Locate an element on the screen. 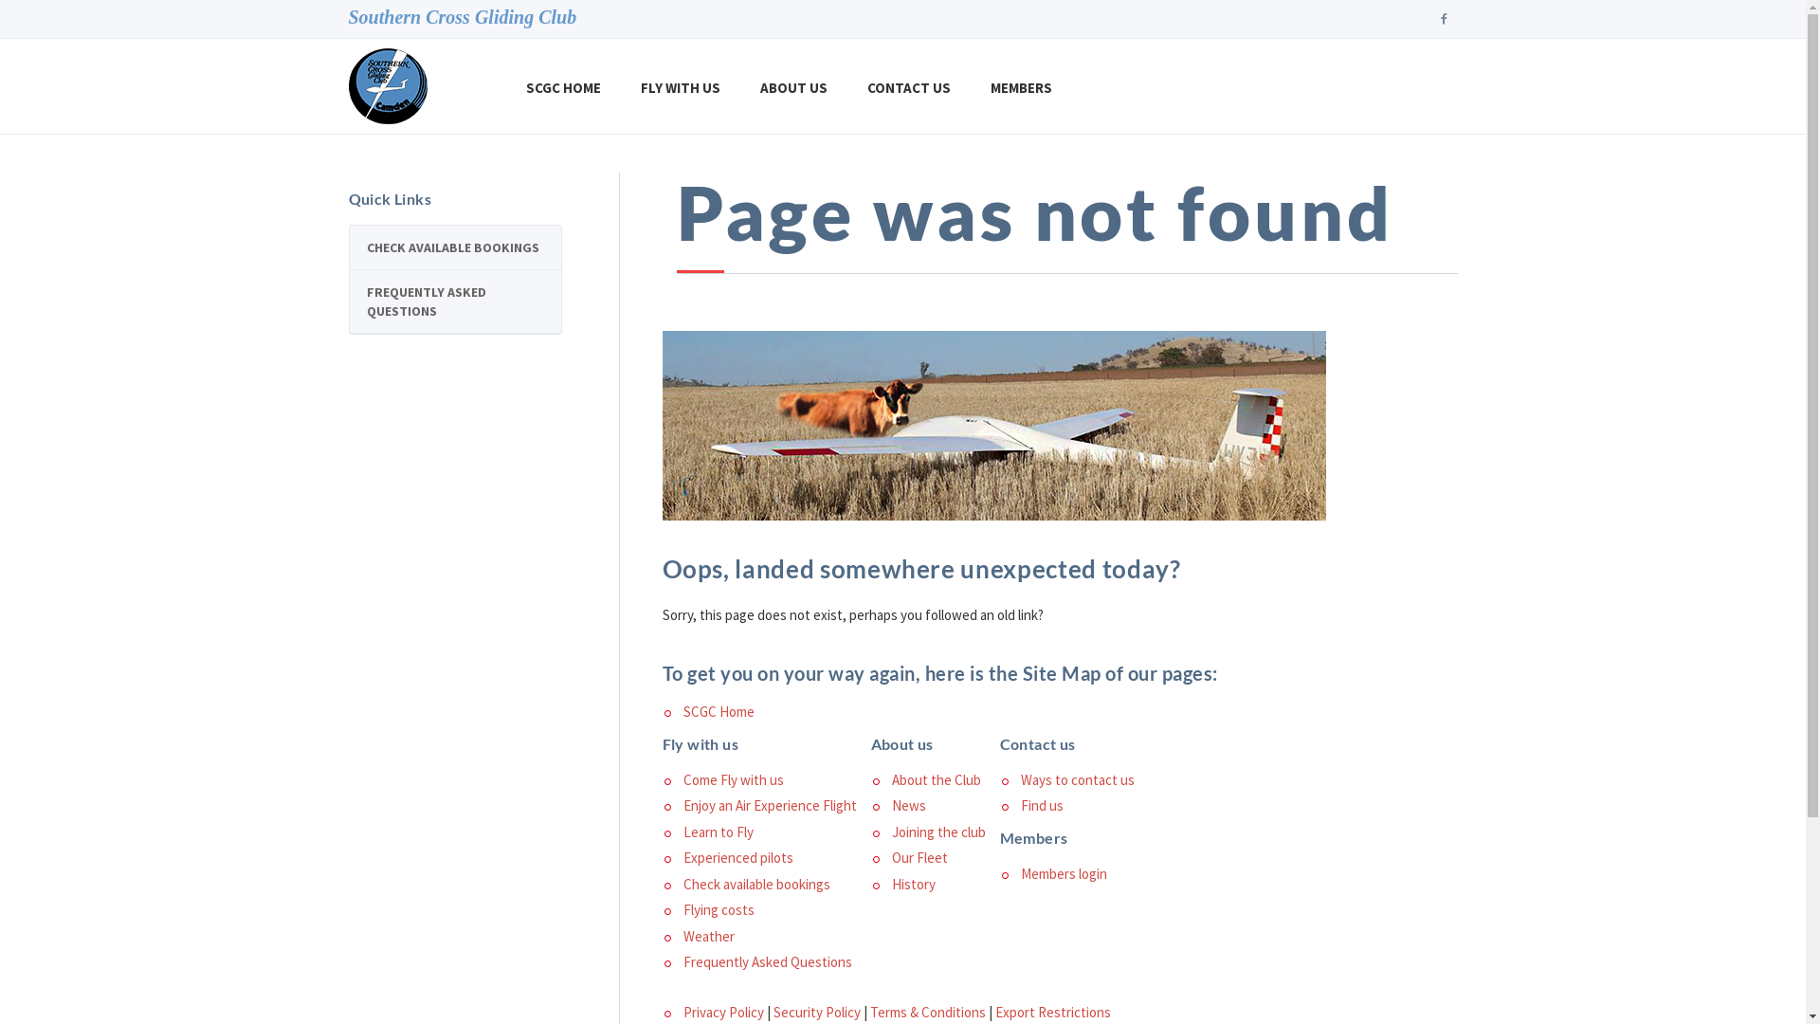  'ABOUT US' is located at coordinates (793, 86).